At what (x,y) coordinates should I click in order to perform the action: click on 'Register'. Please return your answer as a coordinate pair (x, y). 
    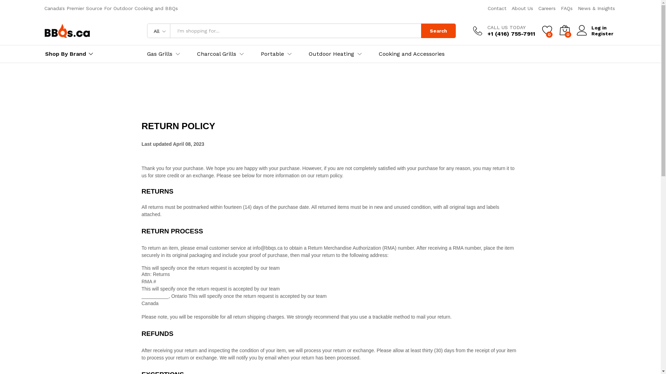
    Looking at the image, I should click on (594, 34).